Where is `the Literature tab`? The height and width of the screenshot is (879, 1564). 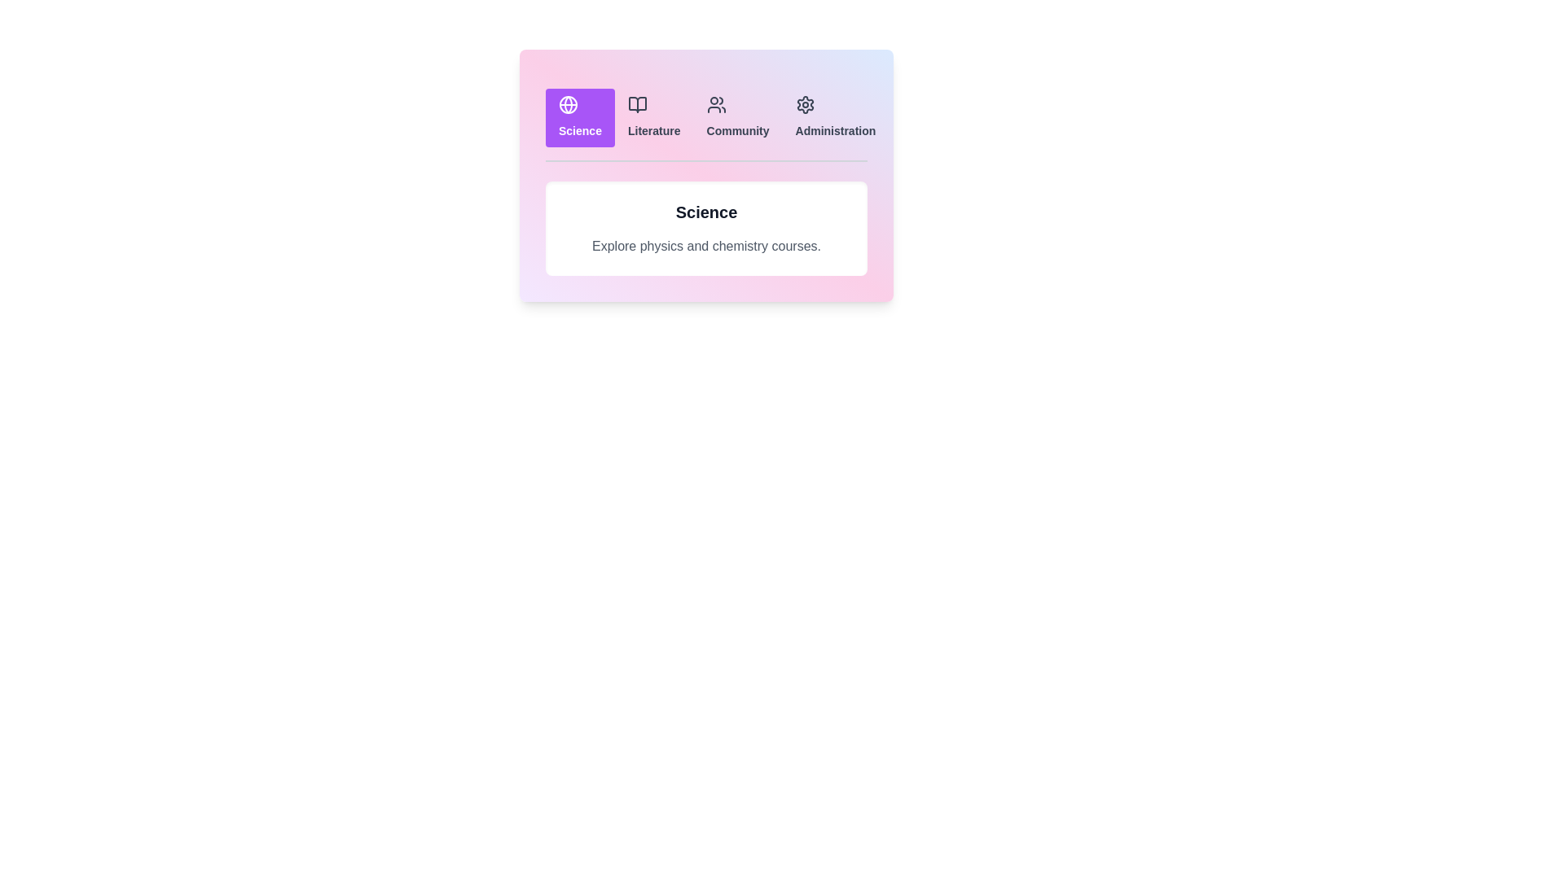 the Literature tab is located at coordinates (653, 117).